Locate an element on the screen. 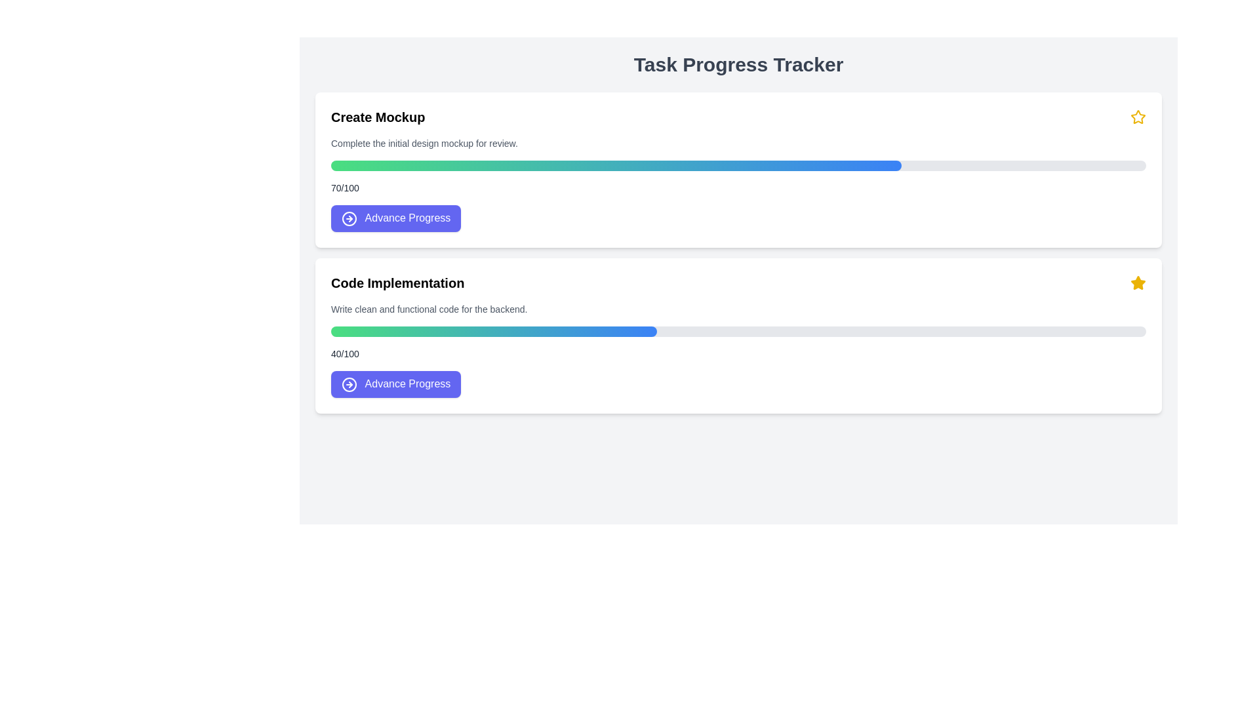 This screenshot has height=708, width=1259. the decorative or directional icon located on the left side of the 'Advance Progress' button in the second task section is located at coordinates (349, 383).